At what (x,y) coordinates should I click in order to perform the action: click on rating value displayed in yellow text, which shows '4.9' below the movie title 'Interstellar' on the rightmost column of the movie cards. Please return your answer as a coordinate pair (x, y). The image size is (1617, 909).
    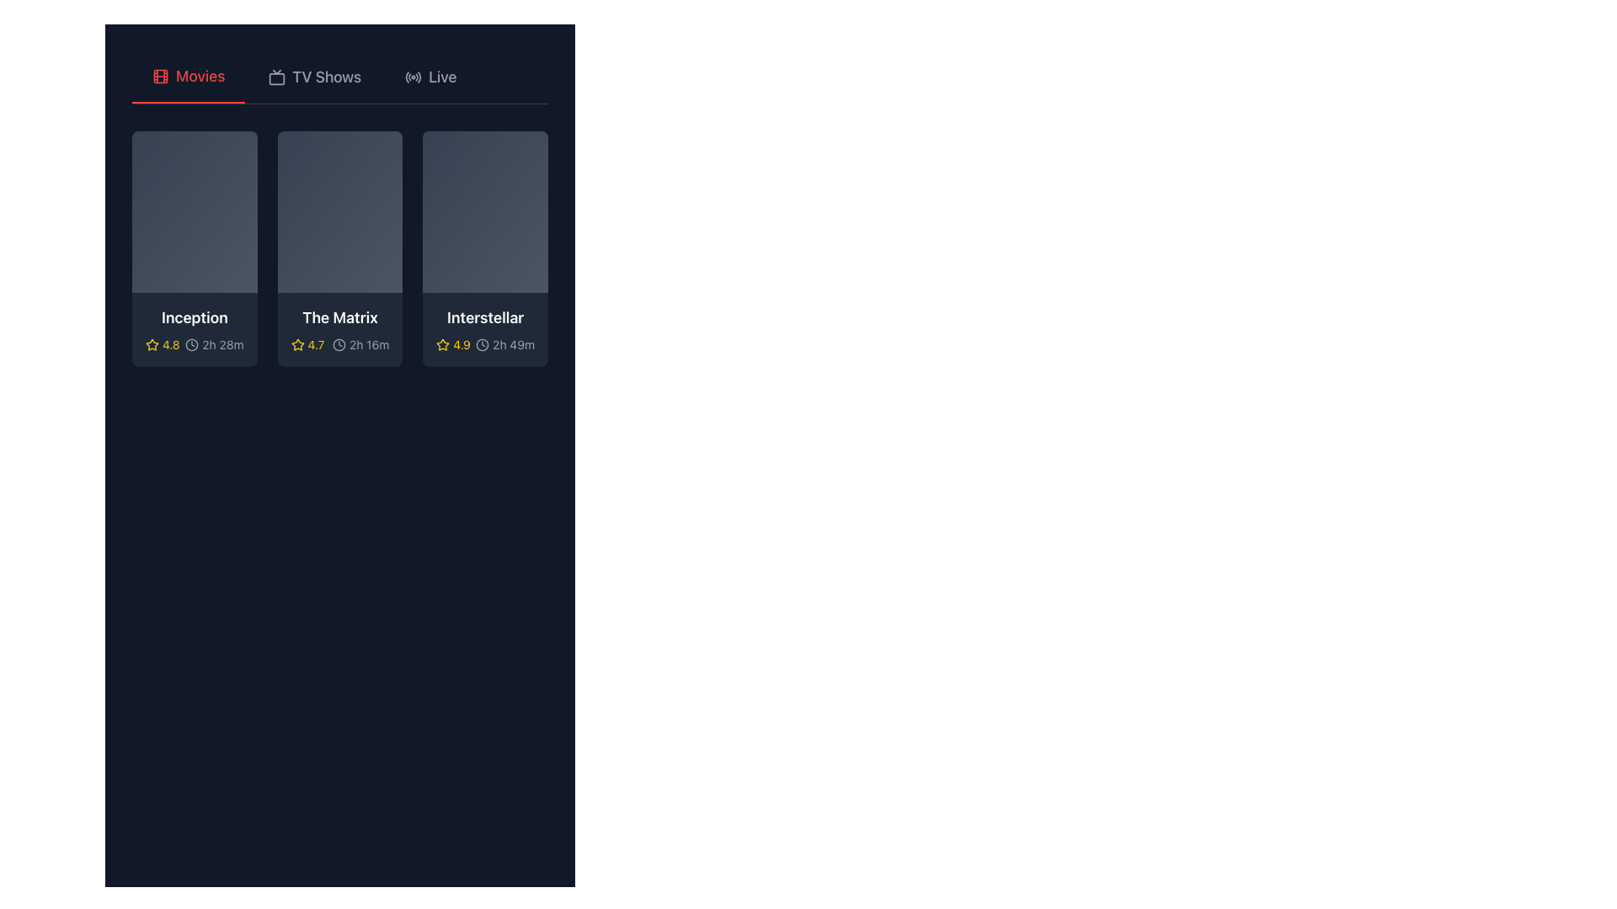
    Looking at the image, I should click on (453, 343).